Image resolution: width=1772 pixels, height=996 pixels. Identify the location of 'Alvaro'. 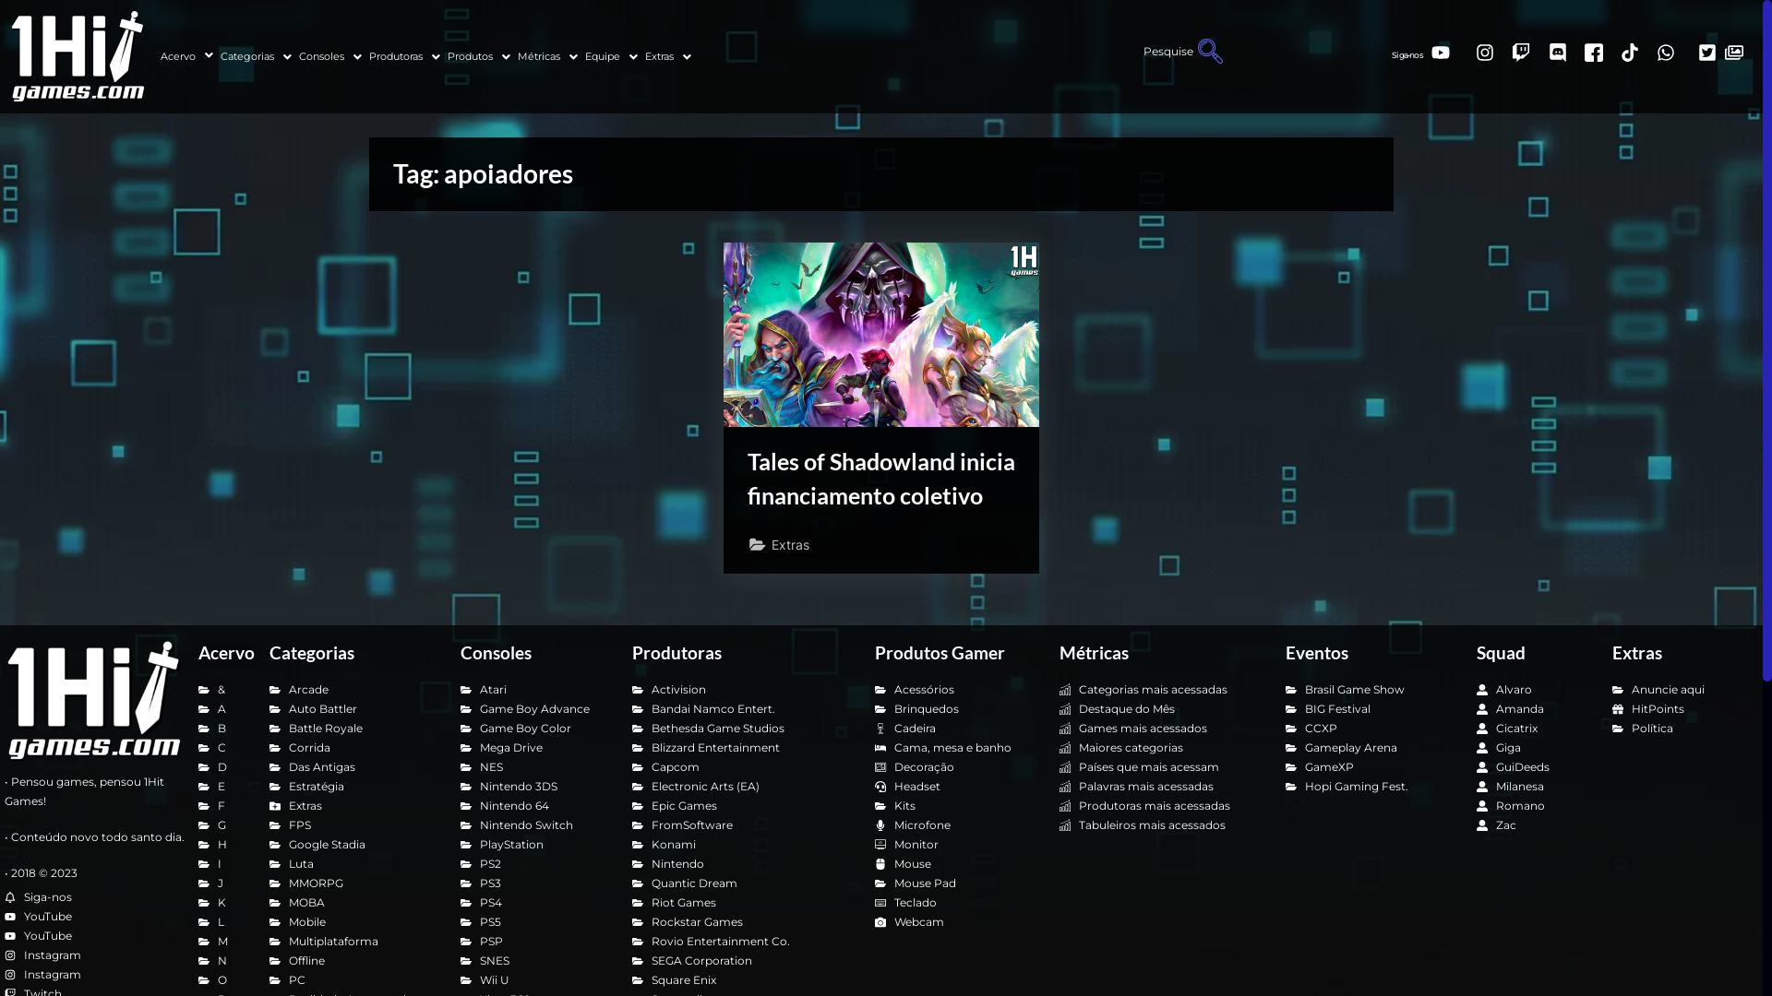
(1475, 689).